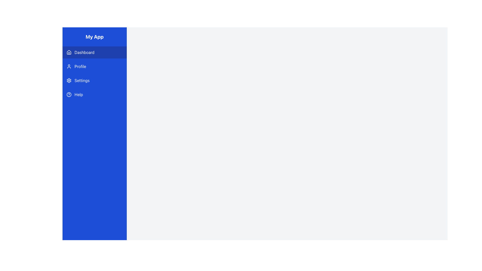 The image size is (482, 271). I want to click on the 'Settings' SVG Icon located to the left of the text 'Settings' in the navigation menu, so click(69, 80).